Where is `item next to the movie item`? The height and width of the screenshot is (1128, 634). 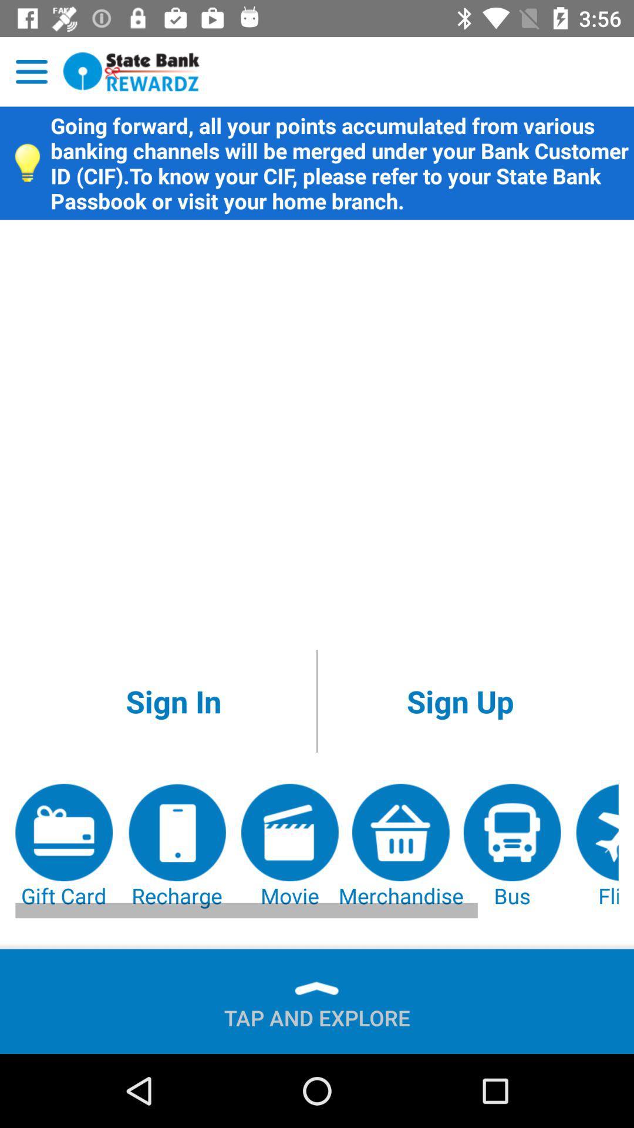 item next to the movie item is located at coordinates (177, 847).